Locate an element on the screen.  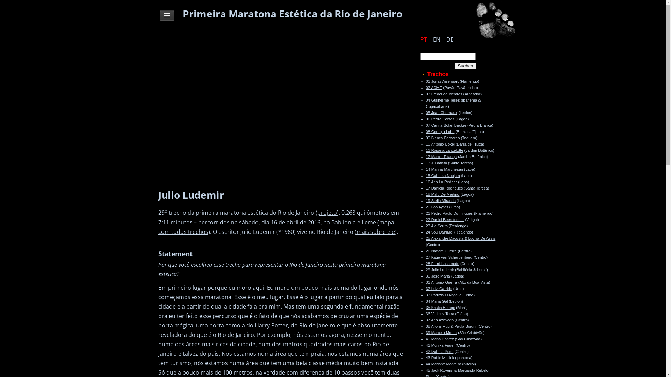
'09 Bianca Bernardo' is located at coordinates (442, 138).